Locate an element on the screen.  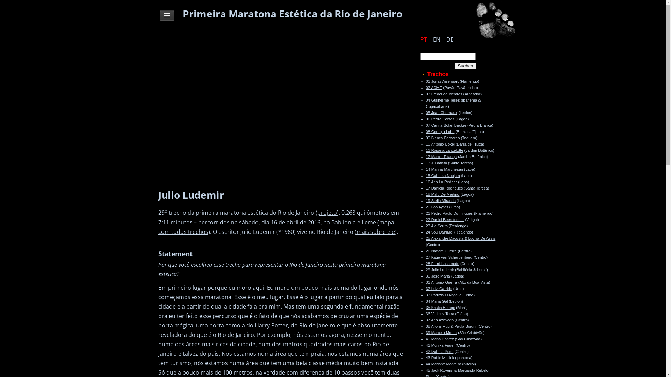
'09 Bianca Bernardo' is located at coordinates (442, 138).